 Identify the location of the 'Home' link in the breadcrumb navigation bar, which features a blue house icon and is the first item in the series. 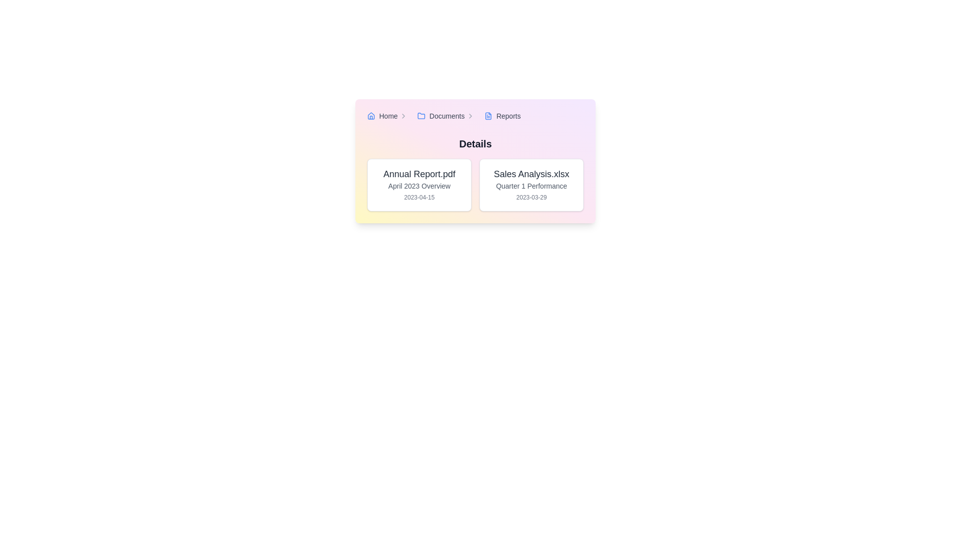
(388, 116).